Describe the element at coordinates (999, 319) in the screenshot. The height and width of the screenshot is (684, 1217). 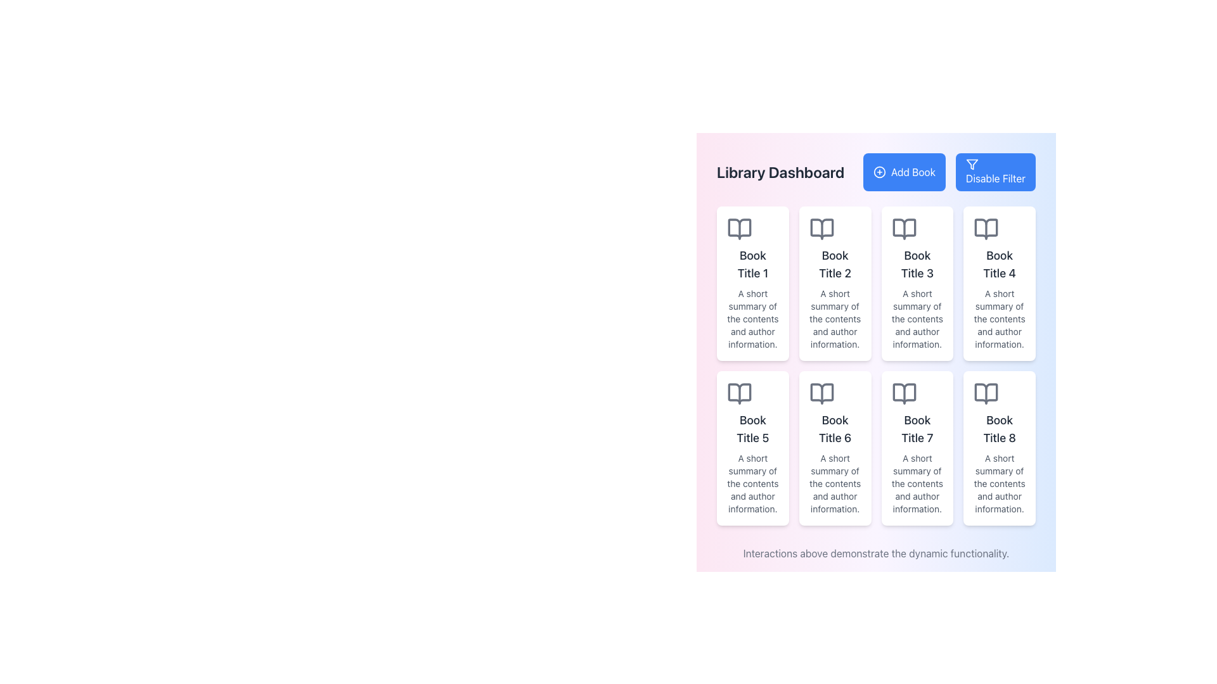
I see `the descriptive text label below 'Book Title 4' in the Library Dashboard section, which is the fourth card in the top row of the grid` at that location.